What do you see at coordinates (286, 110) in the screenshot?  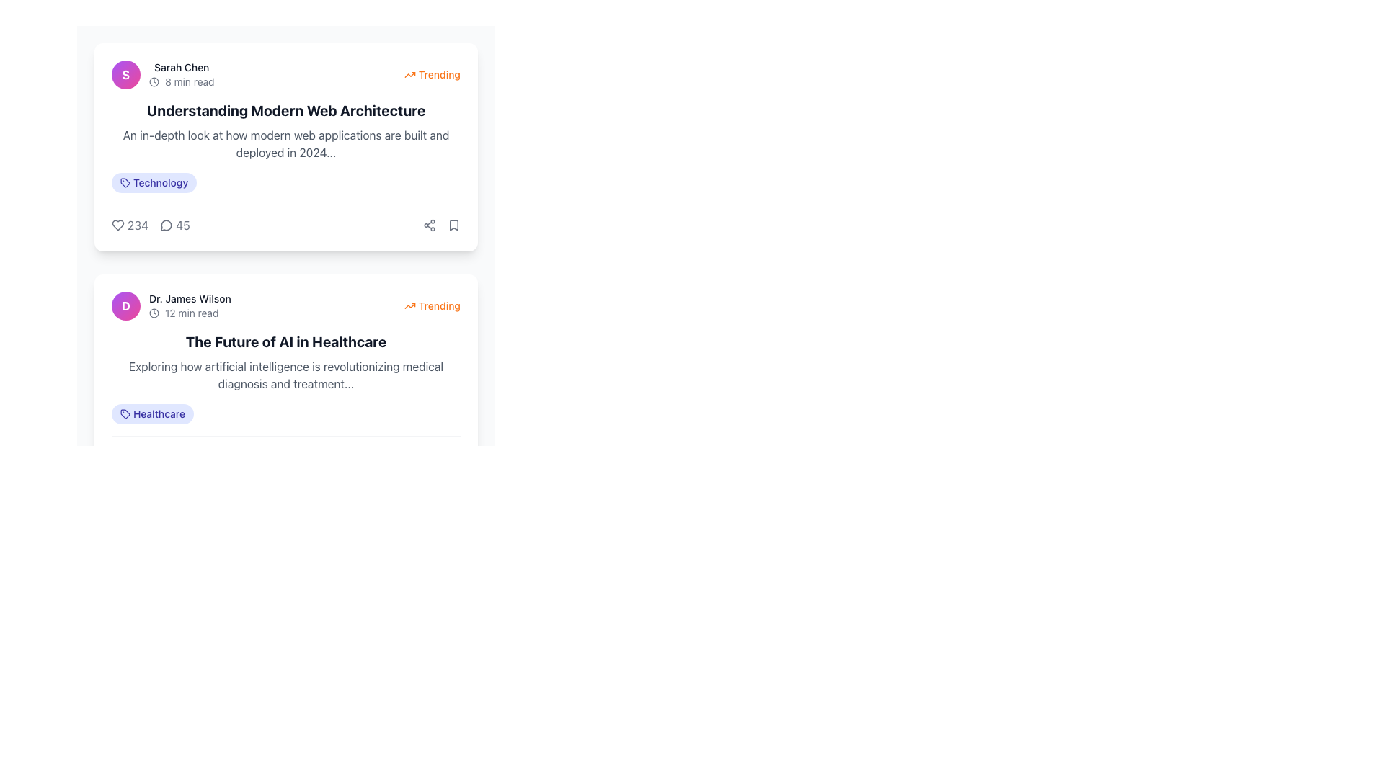 I see `the bold heading text 'Understanding Modern Web Architecture'` at bounding box center [286, 110].